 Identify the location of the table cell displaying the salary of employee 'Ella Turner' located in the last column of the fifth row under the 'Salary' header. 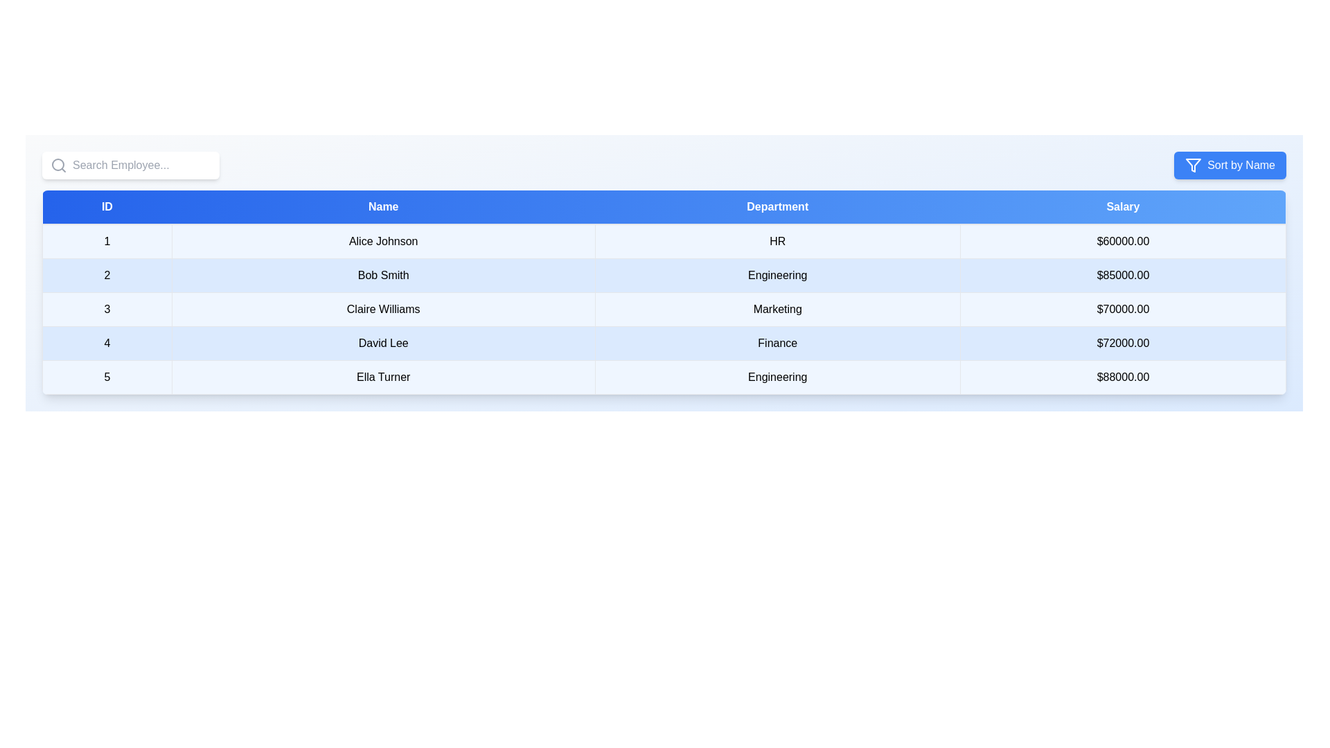
(1123, 377).